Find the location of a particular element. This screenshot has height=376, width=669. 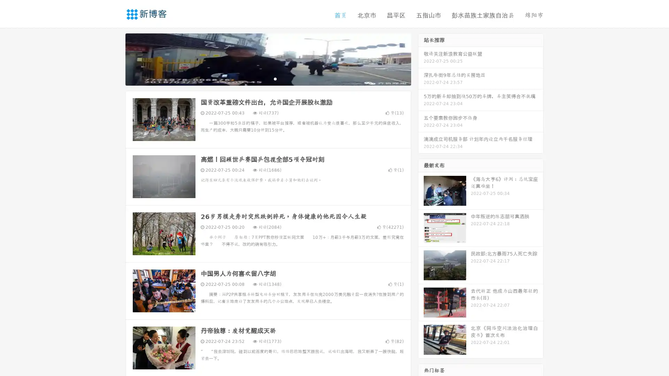

Go to slide 1 is located at coordinates (261, 78).